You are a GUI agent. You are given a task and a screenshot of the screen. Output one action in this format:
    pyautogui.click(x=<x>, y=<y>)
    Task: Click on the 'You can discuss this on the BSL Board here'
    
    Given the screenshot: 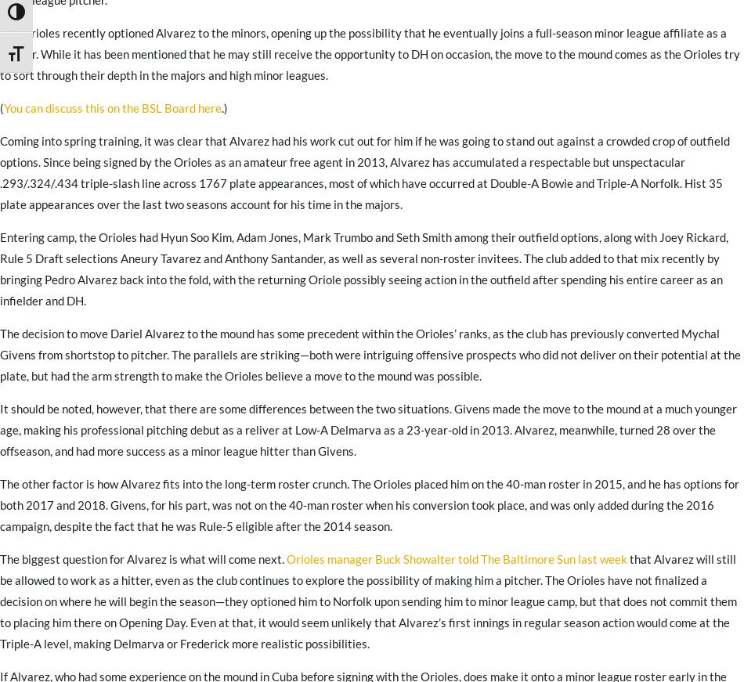 What is the action you would take?
    pyautogui.click(x=113, y=106)
    